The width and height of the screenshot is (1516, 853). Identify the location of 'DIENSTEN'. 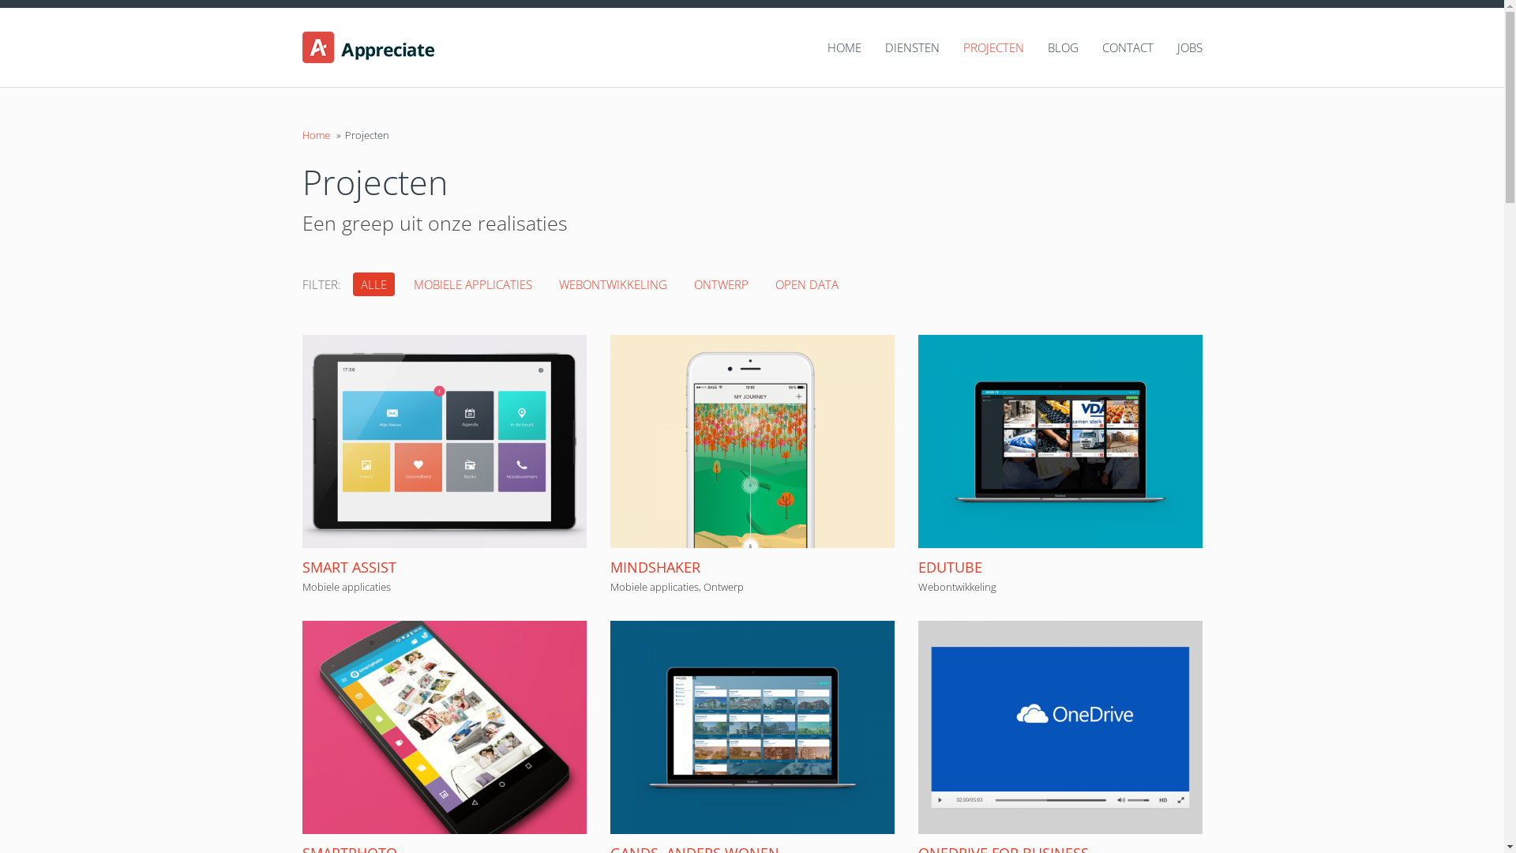
(899, 47).